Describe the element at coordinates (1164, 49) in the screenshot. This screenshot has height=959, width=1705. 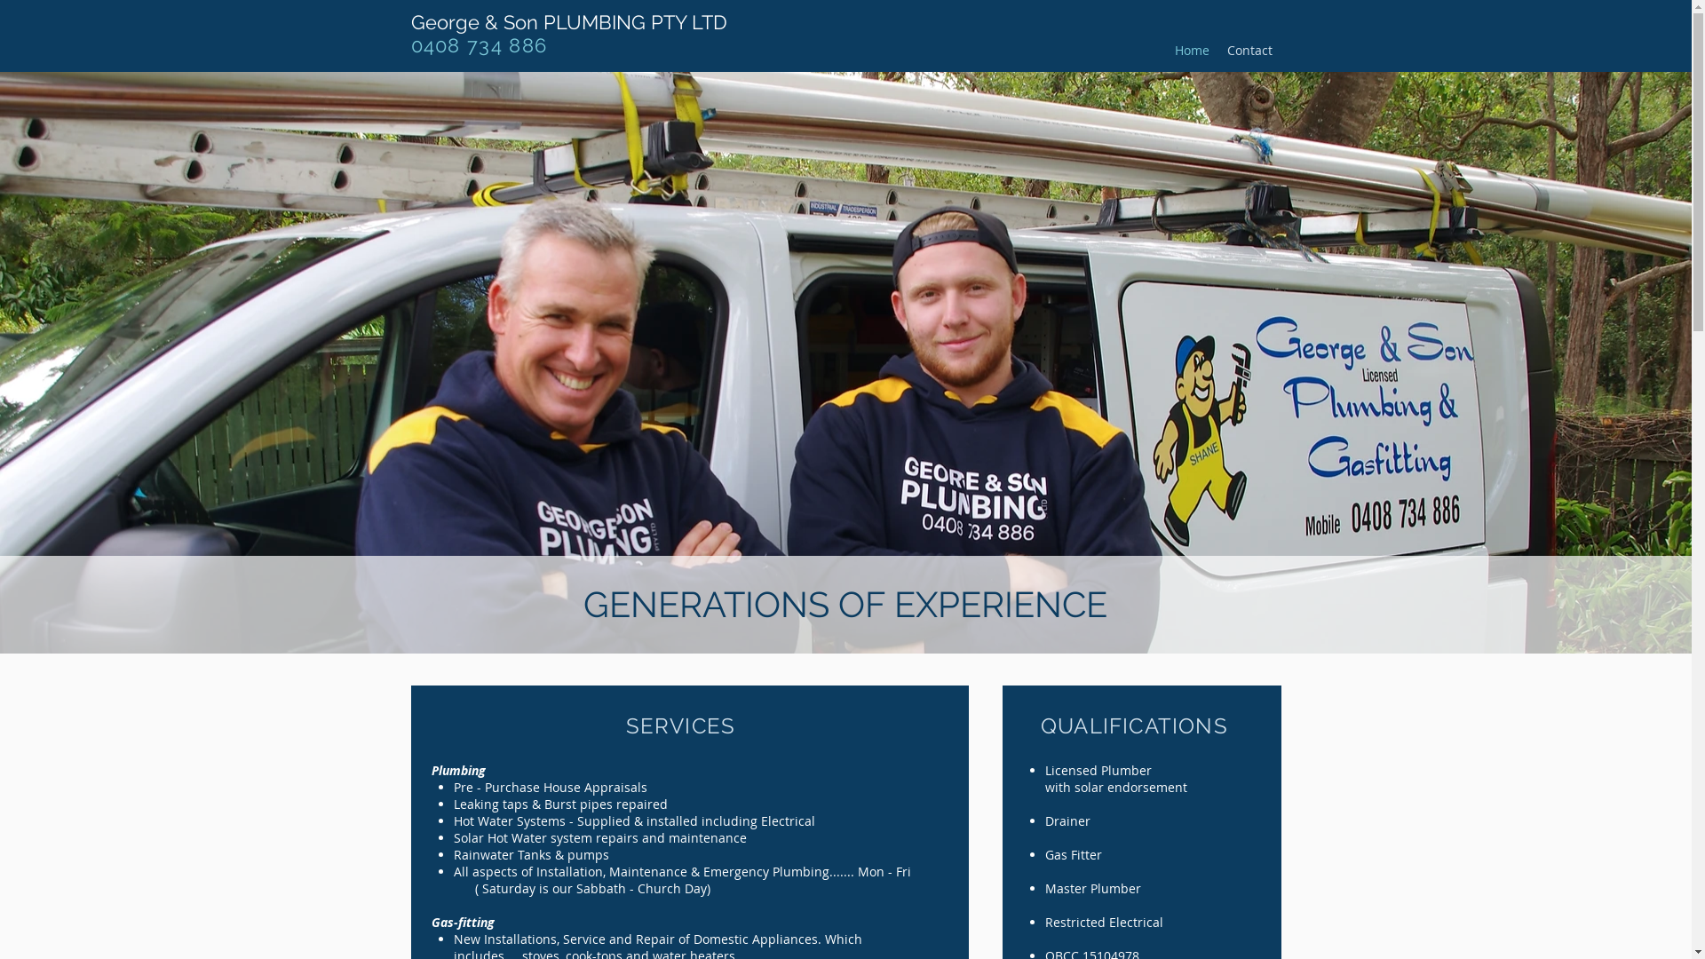
I see `'Home'` at that location.